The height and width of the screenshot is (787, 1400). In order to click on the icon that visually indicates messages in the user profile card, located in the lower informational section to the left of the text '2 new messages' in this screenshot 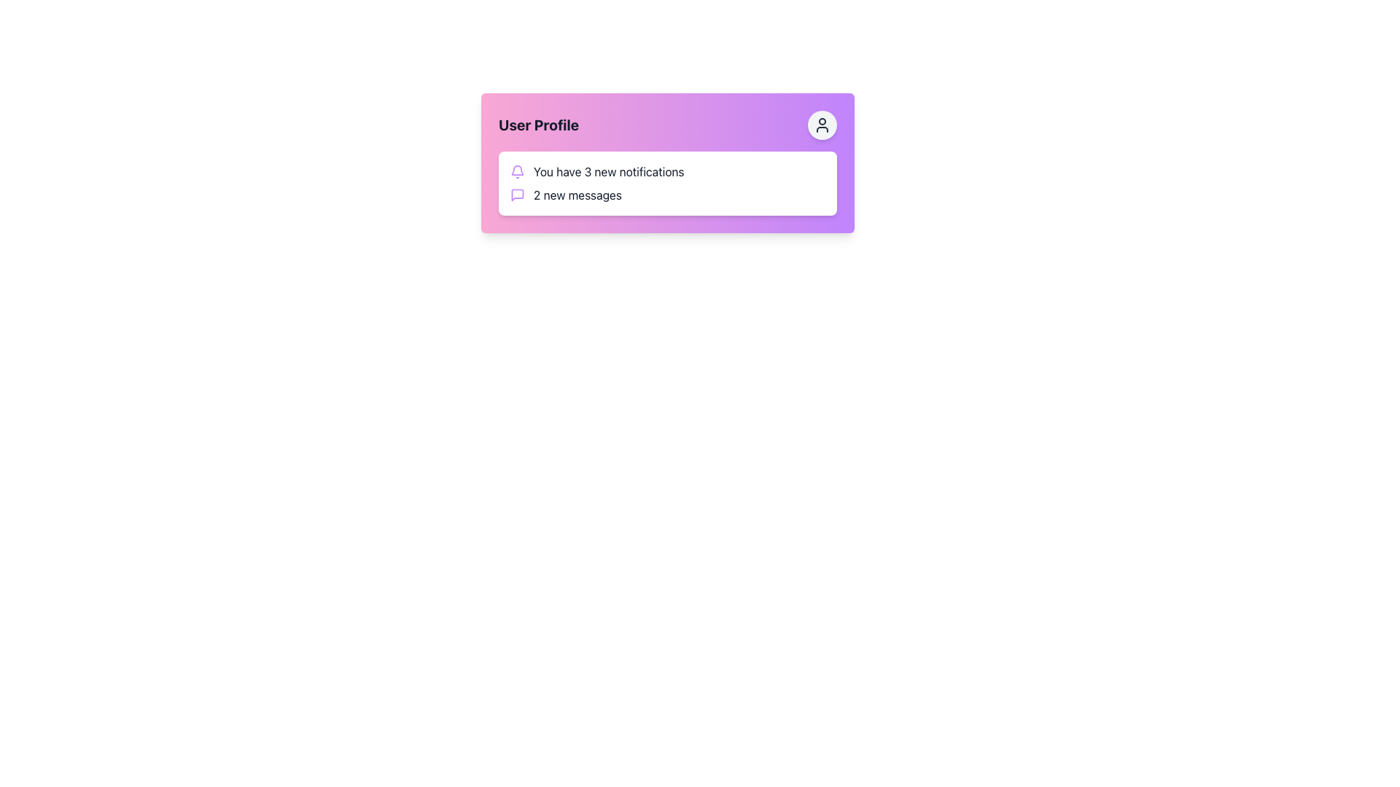, I will do `click(518, 194)`.